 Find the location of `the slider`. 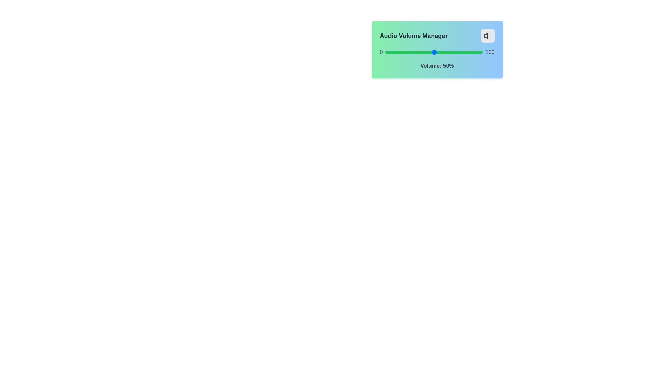

the slider is located at coordinates (412, 52).